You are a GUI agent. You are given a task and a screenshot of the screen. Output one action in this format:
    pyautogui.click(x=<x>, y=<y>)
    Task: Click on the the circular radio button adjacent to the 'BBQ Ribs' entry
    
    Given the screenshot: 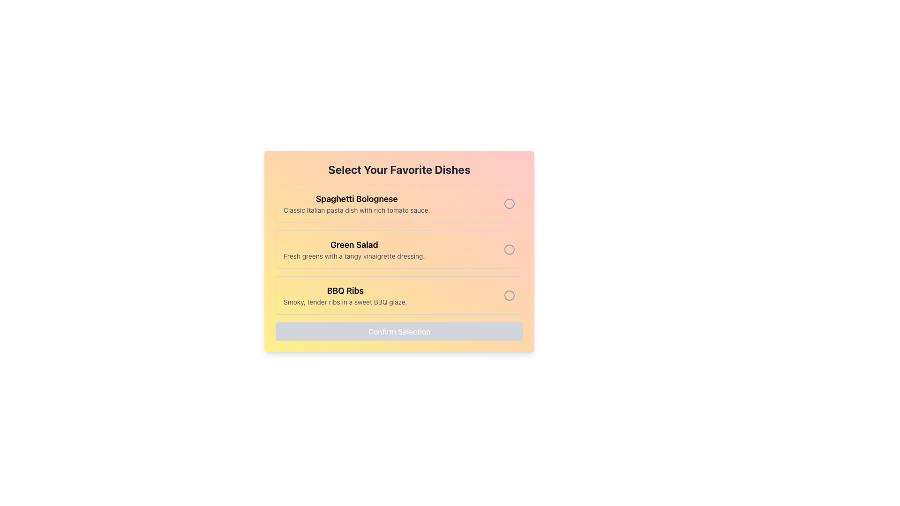 What is the action you would take?
    pyautogui.click(x=509, y=296)
    